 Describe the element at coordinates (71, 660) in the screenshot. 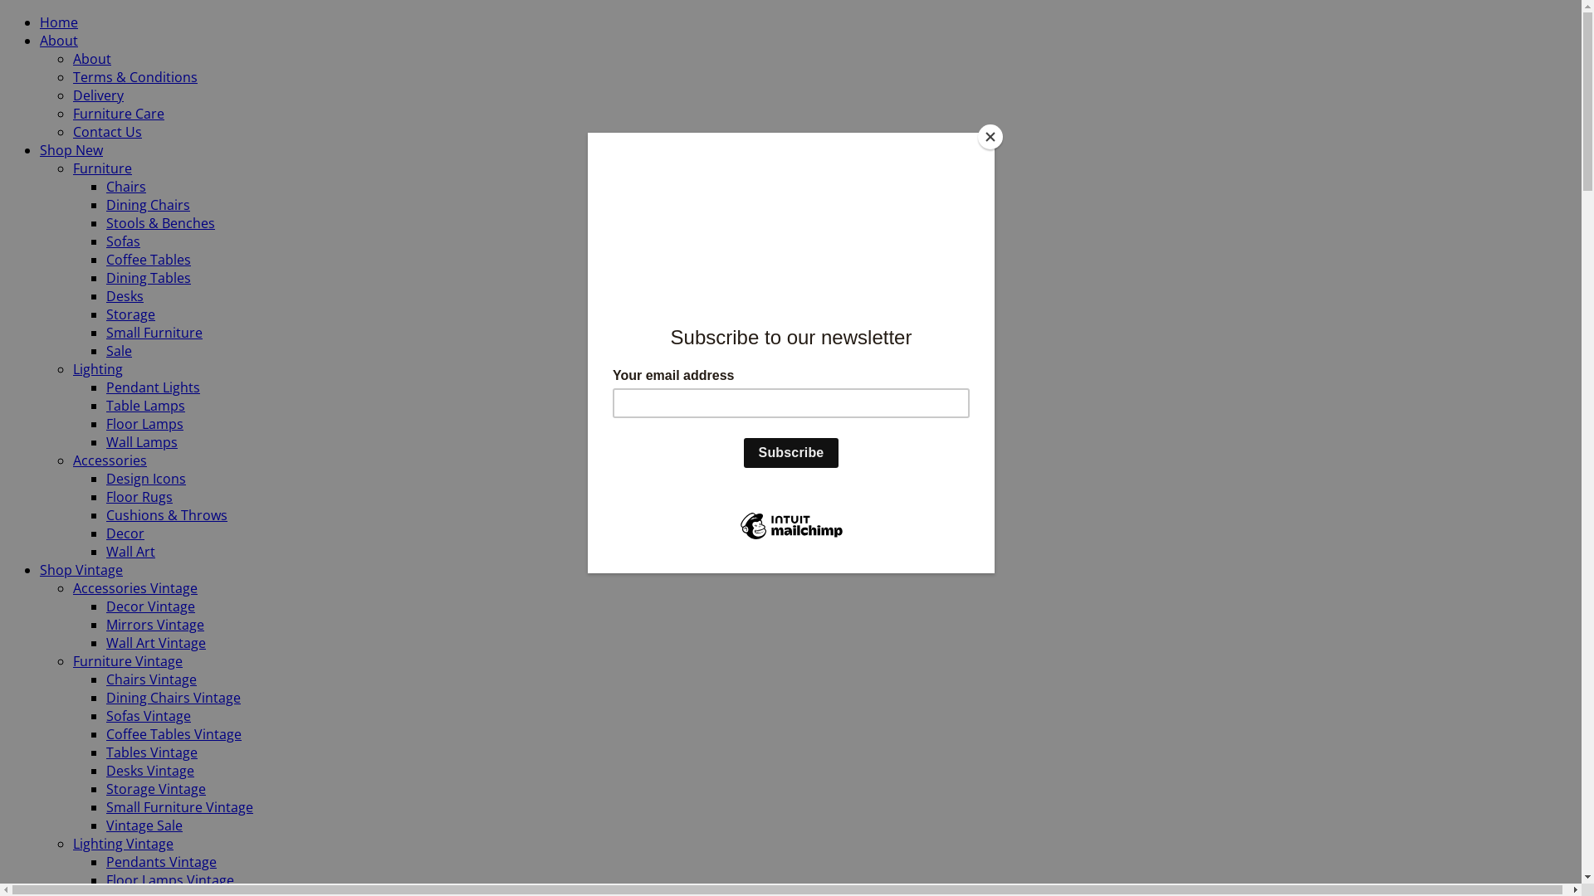

I see `'Furniture Vintage'` at that location.